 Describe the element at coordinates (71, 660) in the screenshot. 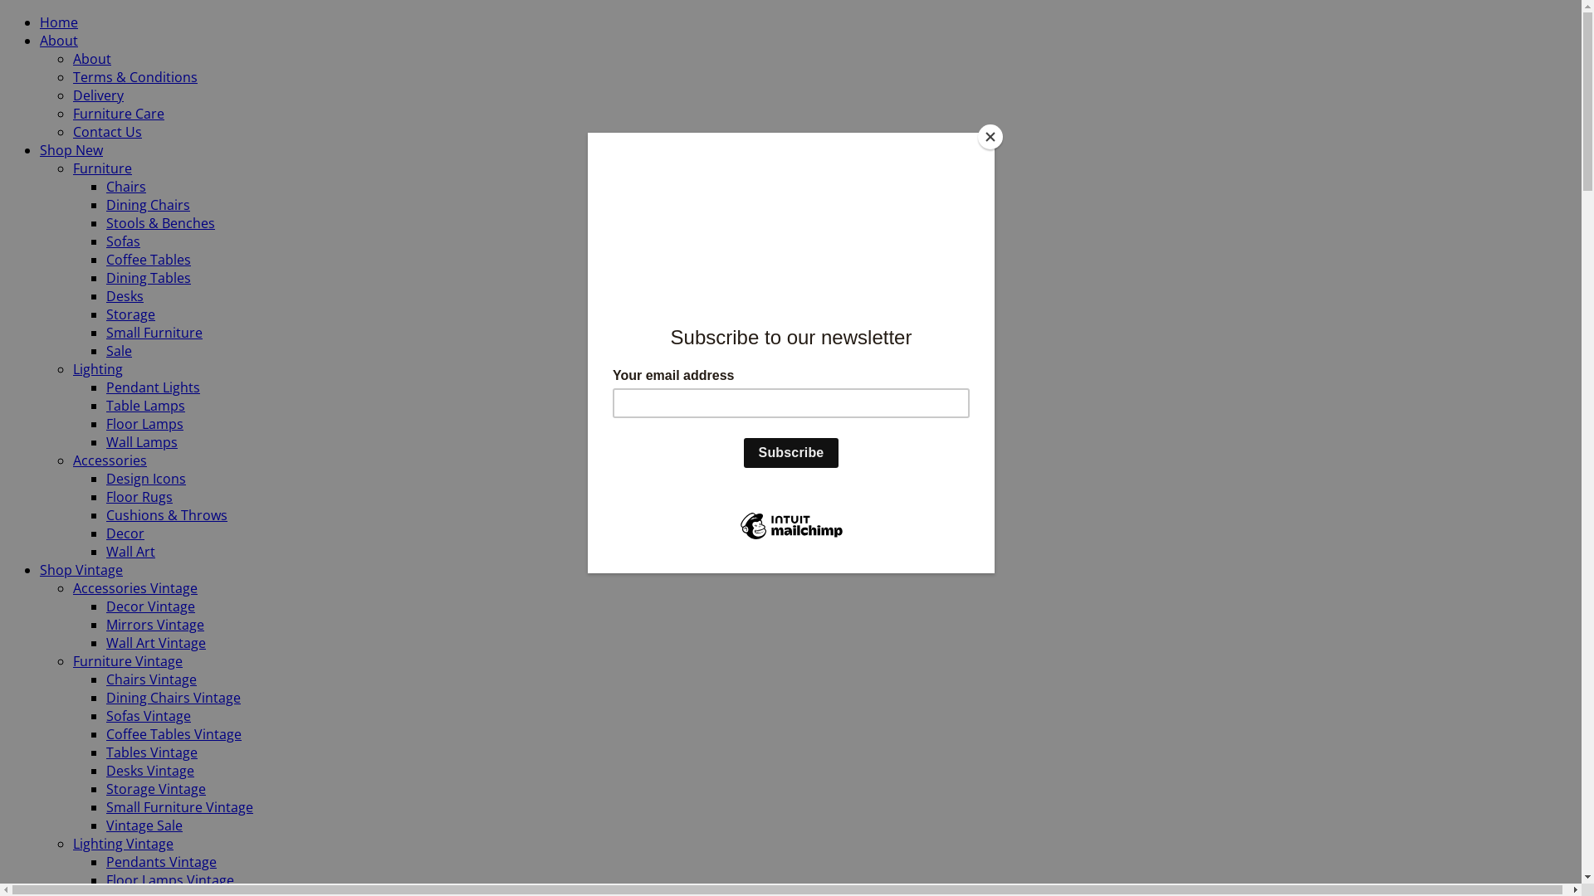

I see `'Furniture Vintage'` at that location.